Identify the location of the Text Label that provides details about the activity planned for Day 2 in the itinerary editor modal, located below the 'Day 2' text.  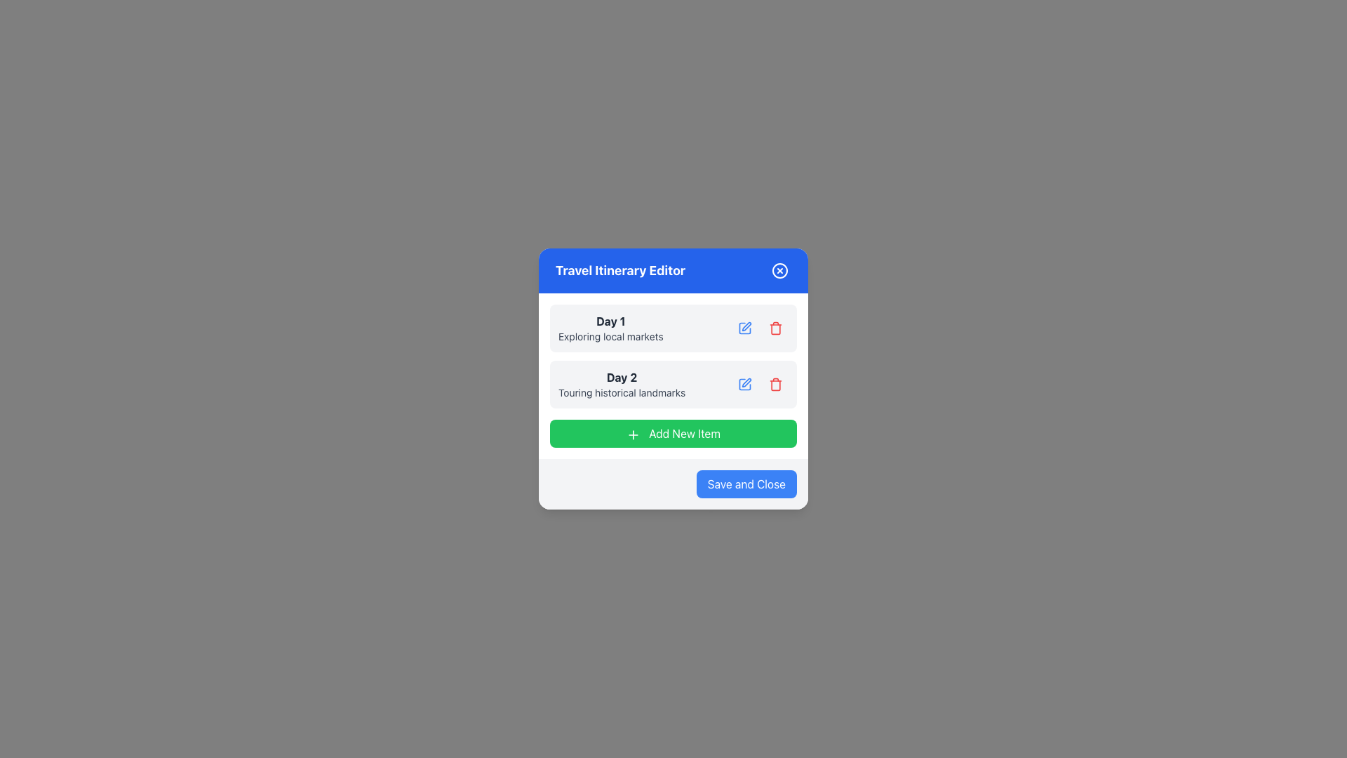
(621, 392).